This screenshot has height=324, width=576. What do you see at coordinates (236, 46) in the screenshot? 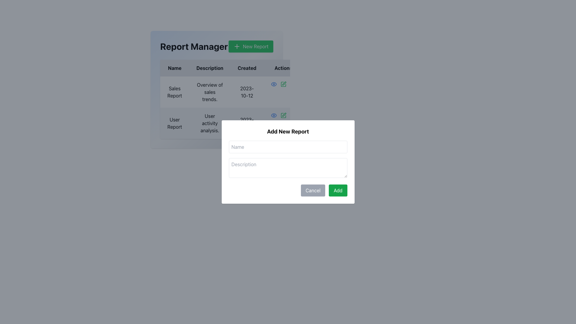
I see `the icon inside the 'New Report' green button at the top-right corner of the 'Report Manager' section, which symbolizes the action of adding or creating a new report` at bounding box center [236, 46].